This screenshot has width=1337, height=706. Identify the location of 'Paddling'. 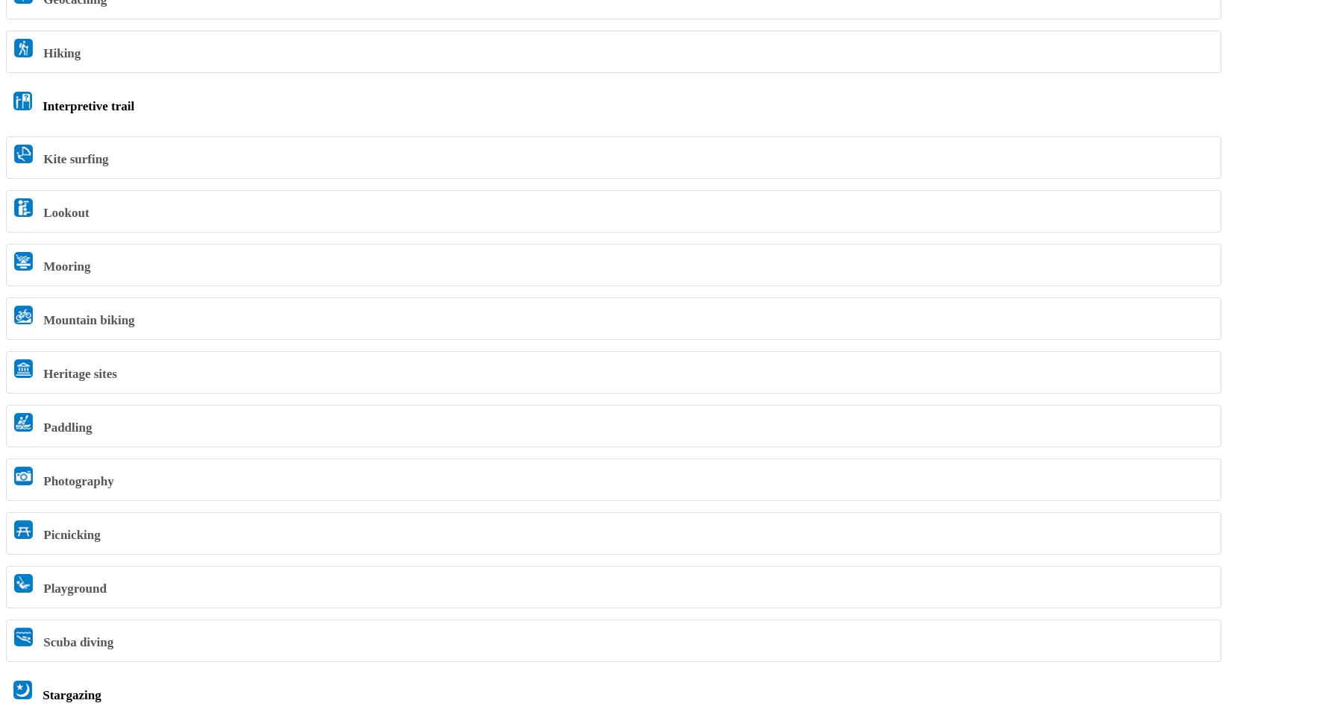
(66, 426).